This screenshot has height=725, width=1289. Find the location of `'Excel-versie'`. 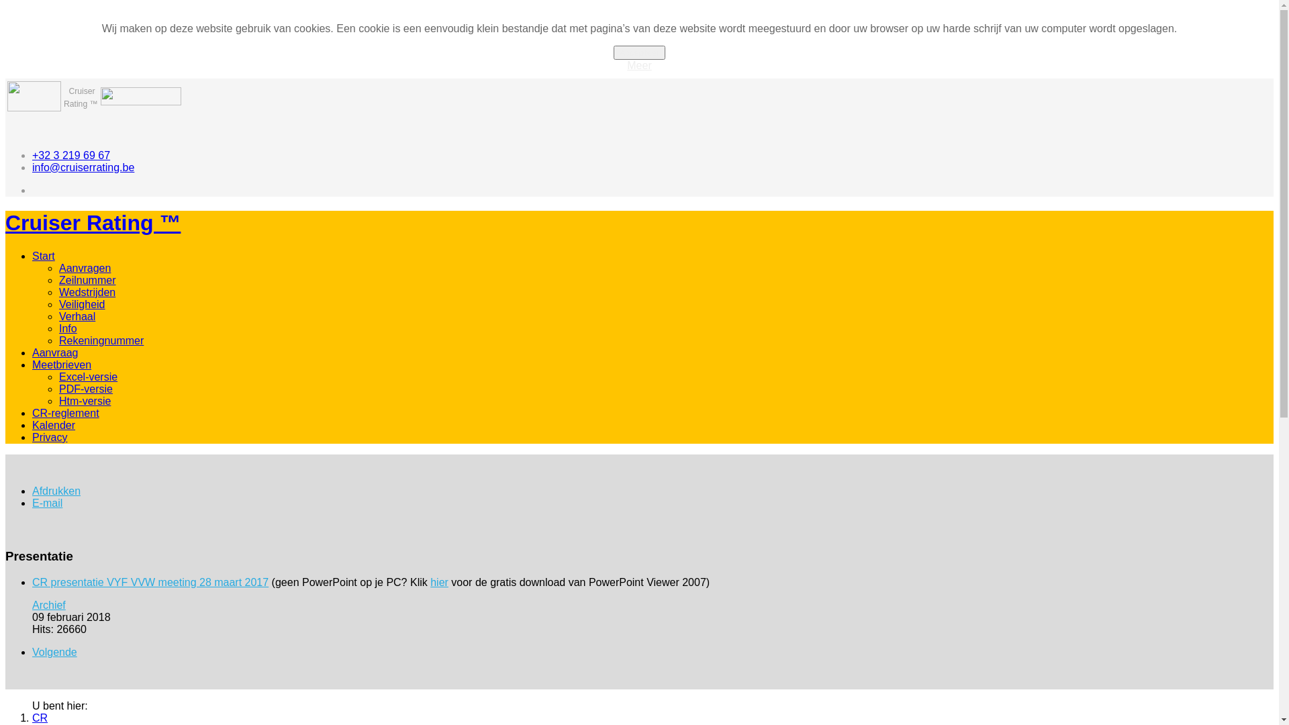

'Excel-versie' is located at coordinates (87, 377).